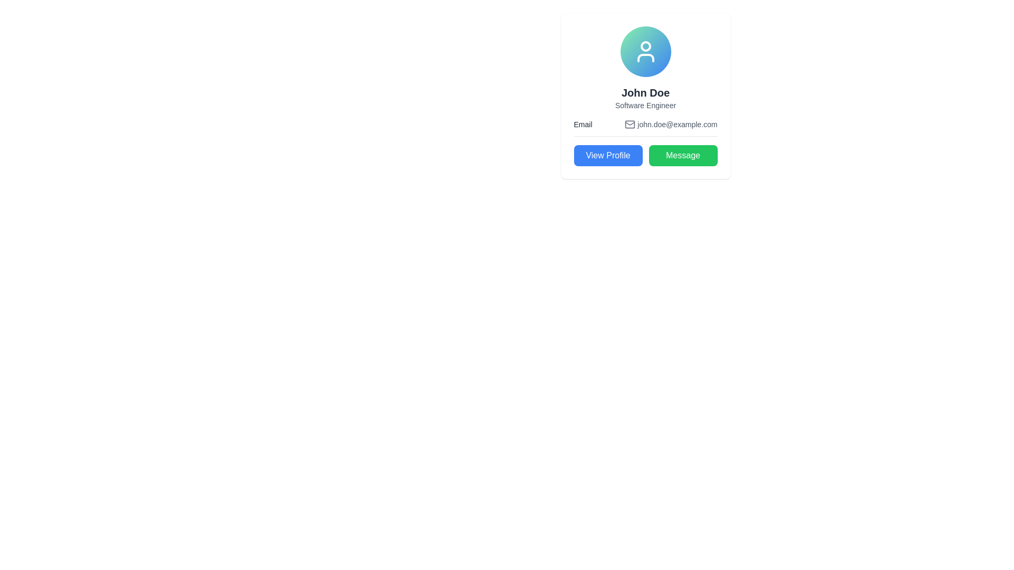 The height and width of the screenshot is (570, 1014). I want to click on the text label displaying the email address 'john.doe@example.com', which is styled in gray and positioned within the email field of the profile card, below the user's name and above the buttons 'View Profile' and 'Message', so click(677, 123).